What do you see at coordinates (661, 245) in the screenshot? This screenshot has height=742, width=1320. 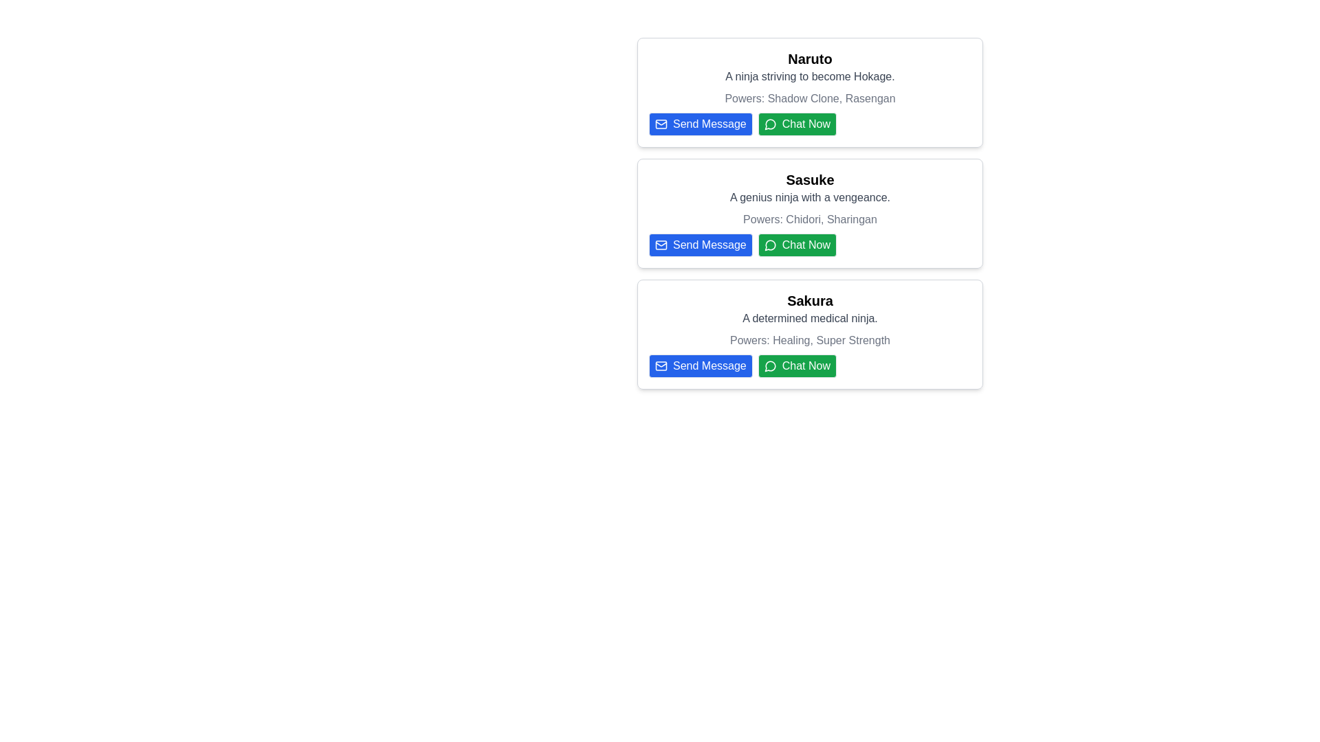 I see `the decorative icon for the 'Send Message' button, which is located at the far-left side of the button, visually reinforcing the concept of communication` at bounding box center [661, 245].